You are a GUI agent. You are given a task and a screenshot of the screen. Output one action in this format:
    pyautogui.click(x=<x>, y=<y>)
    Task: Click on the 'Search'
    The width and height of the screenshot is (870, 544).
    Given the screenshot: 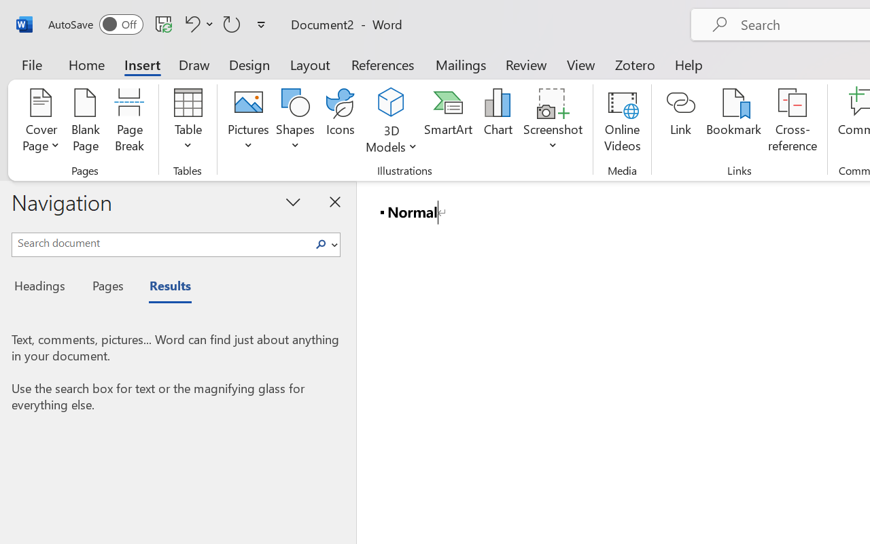 What is the action you would take?
    pyautogui.click(x=320, y=245)
    